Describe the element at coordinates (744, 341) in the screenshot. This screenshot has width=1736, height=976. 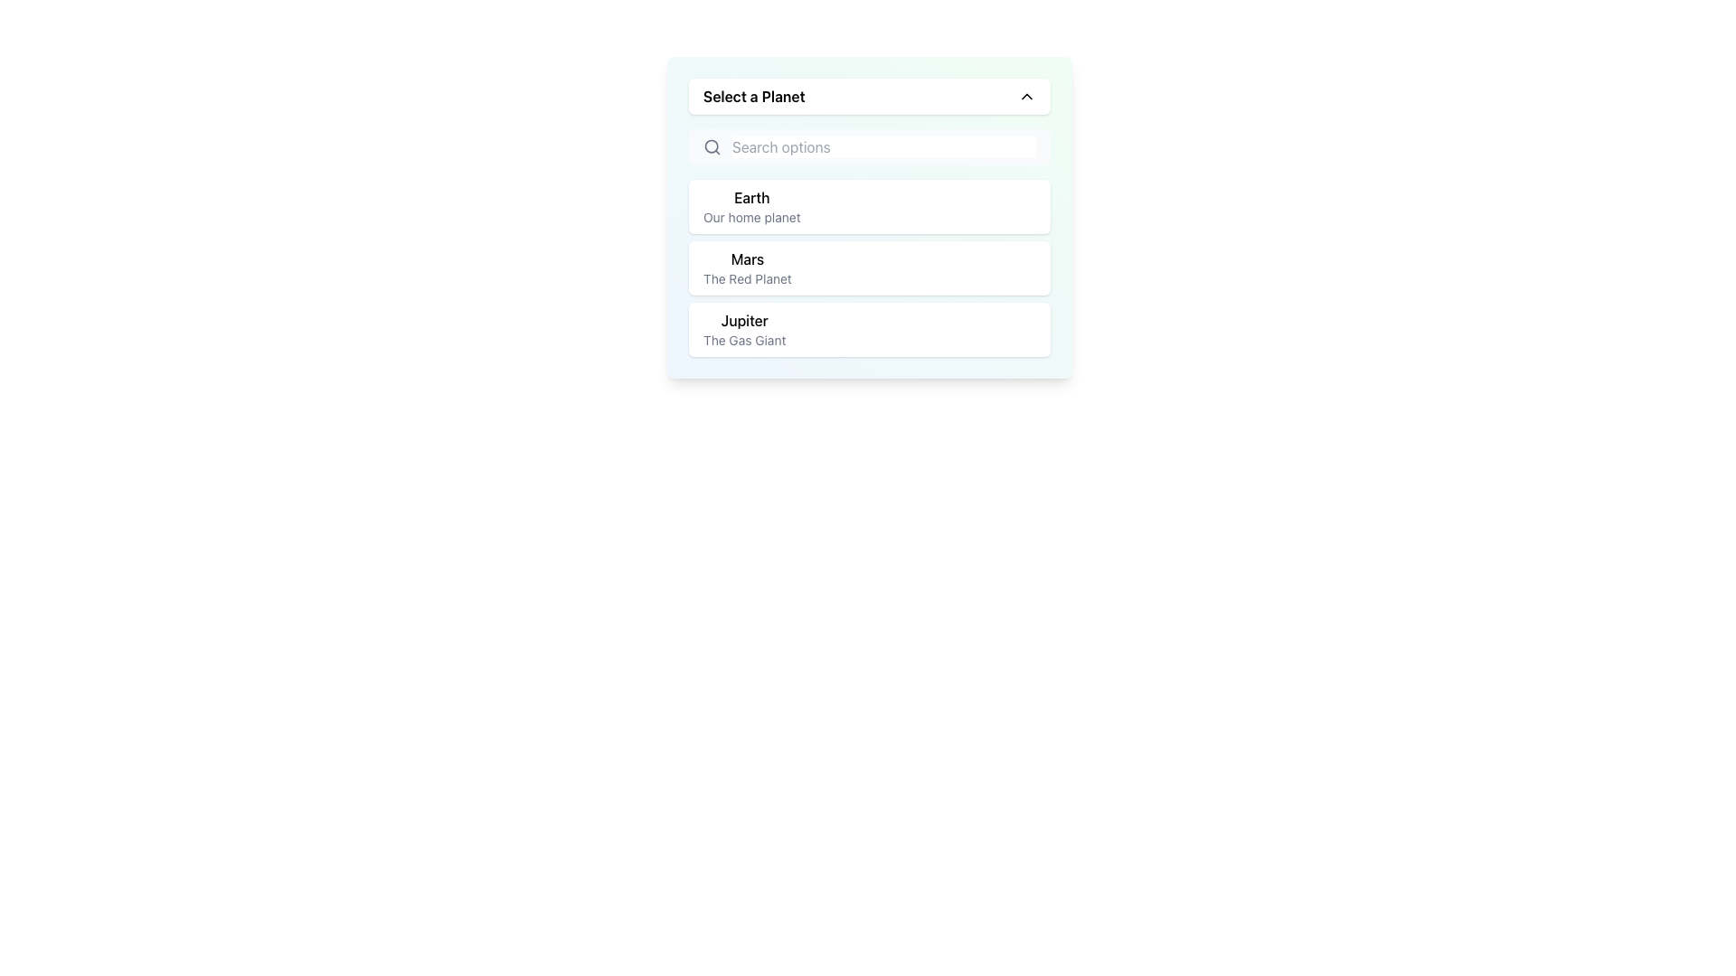
I see `the text label 'The Gas Giant' located below the title 'Jupiter' in the dropdown menu describing celestial bodies` at that location.